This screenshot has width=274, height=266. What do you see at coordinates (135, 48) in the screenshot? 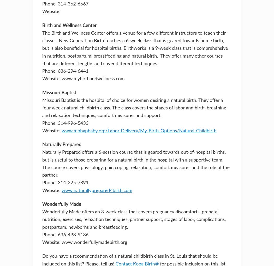
I see `'The Birth and Wellness Center offers a venue for a few different instructors to teach their classes. New Generation Birth teaches a 6-week class that is geared towards home birth, but is also beneficial for hospital births. Birthworks is a 9-week class that is comprehensive in nutrition, postpartum, breastfeeding and natural birth.  They offer many other courses that are different lengths and cover different techniques.'` at bounding box center [135, 48].